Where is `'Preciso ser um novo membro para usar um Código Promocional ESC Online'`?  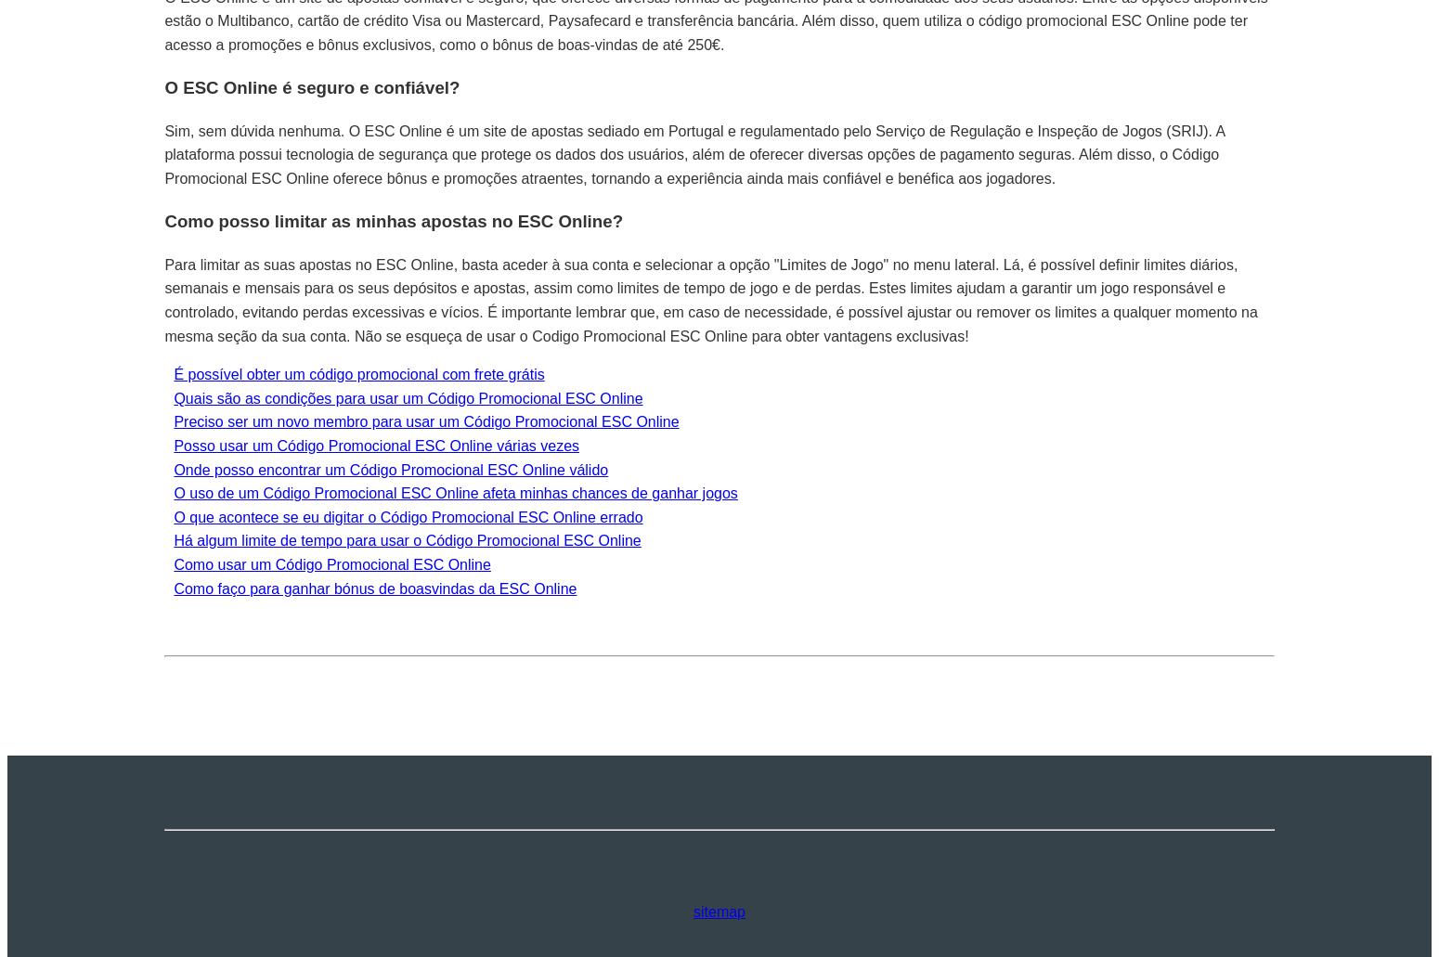 'Preciso ser um novo membro para usar um Código Promocional ESC Online' is located at coordinates (425, 421).